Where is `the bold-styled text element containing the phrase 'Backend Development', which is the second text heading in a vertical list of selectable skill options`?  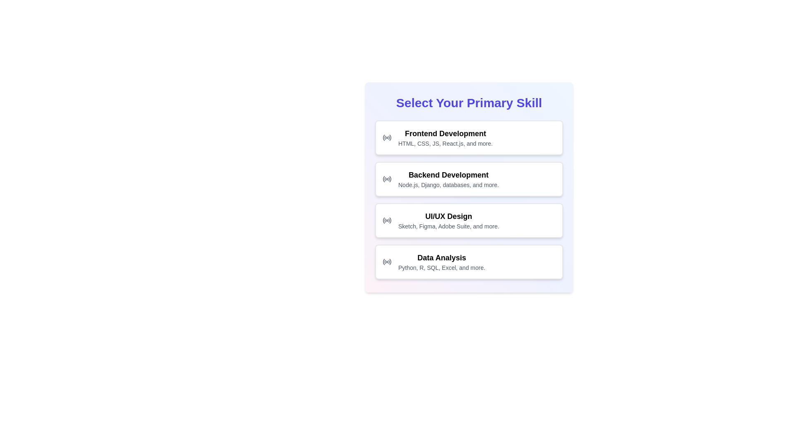 the bold-styled text element containing the phrase 'Backend Development', which is the second text heading in a vertical list of selectable skill options is located at coordinates (448, 175).